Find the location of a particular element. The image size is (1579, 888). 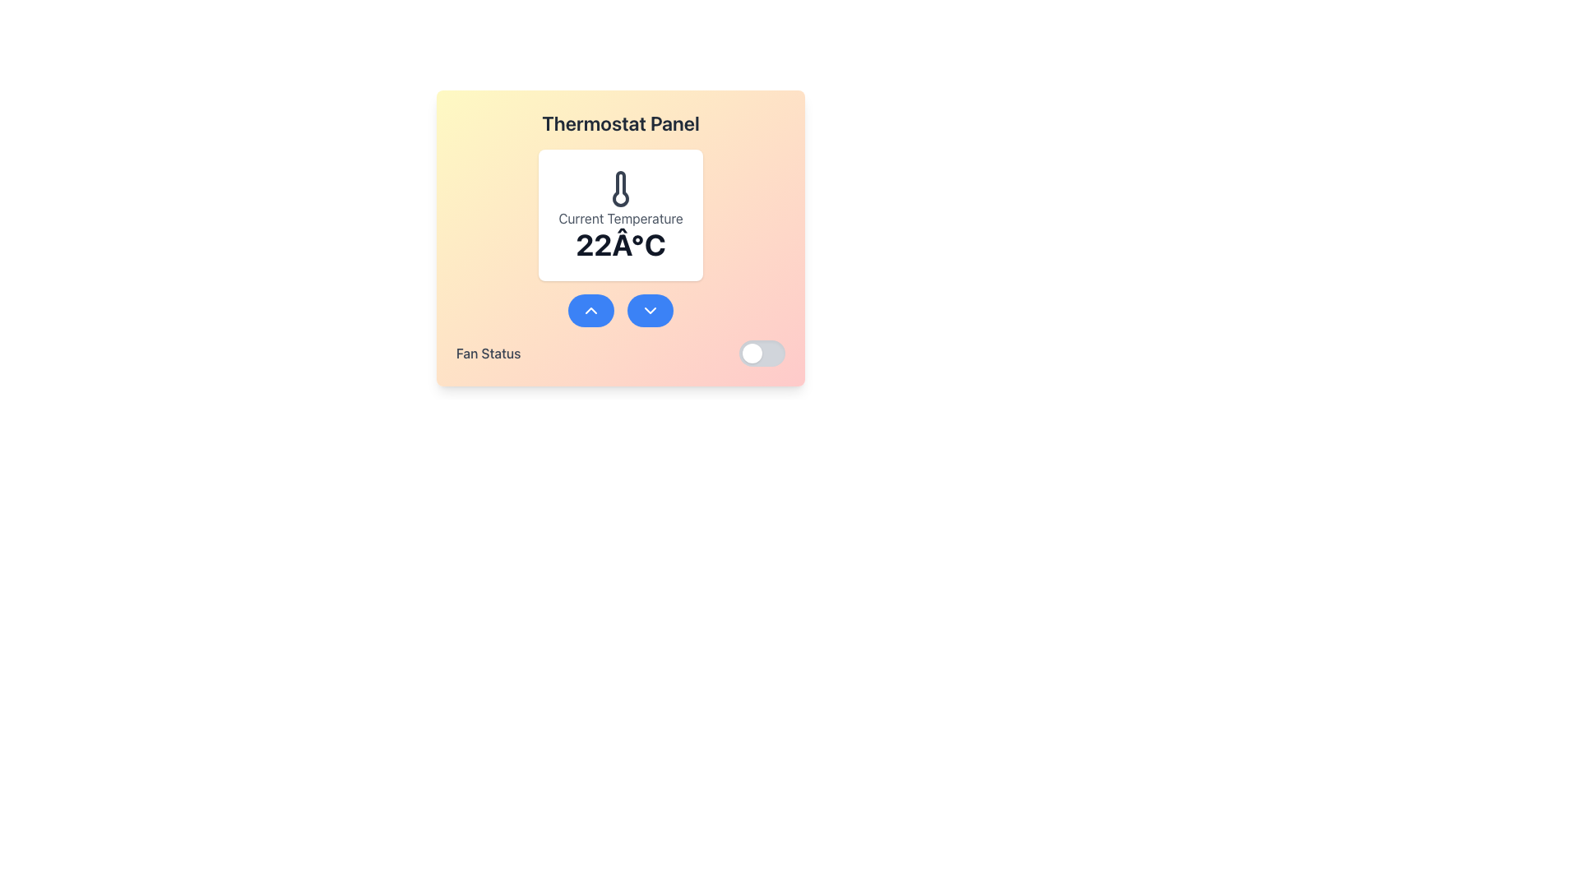

the upward chevron icon located within the blue button of the Thermostat Panel is located at coordinates (591, 311).